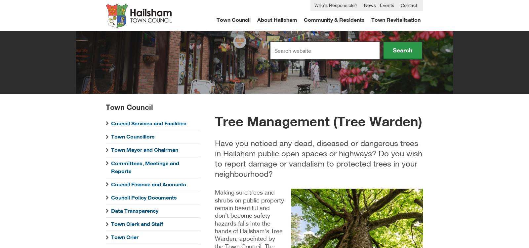  Describe the element at coordinates (408, 5) in the screenshot. I see `'Contact'` at that location.